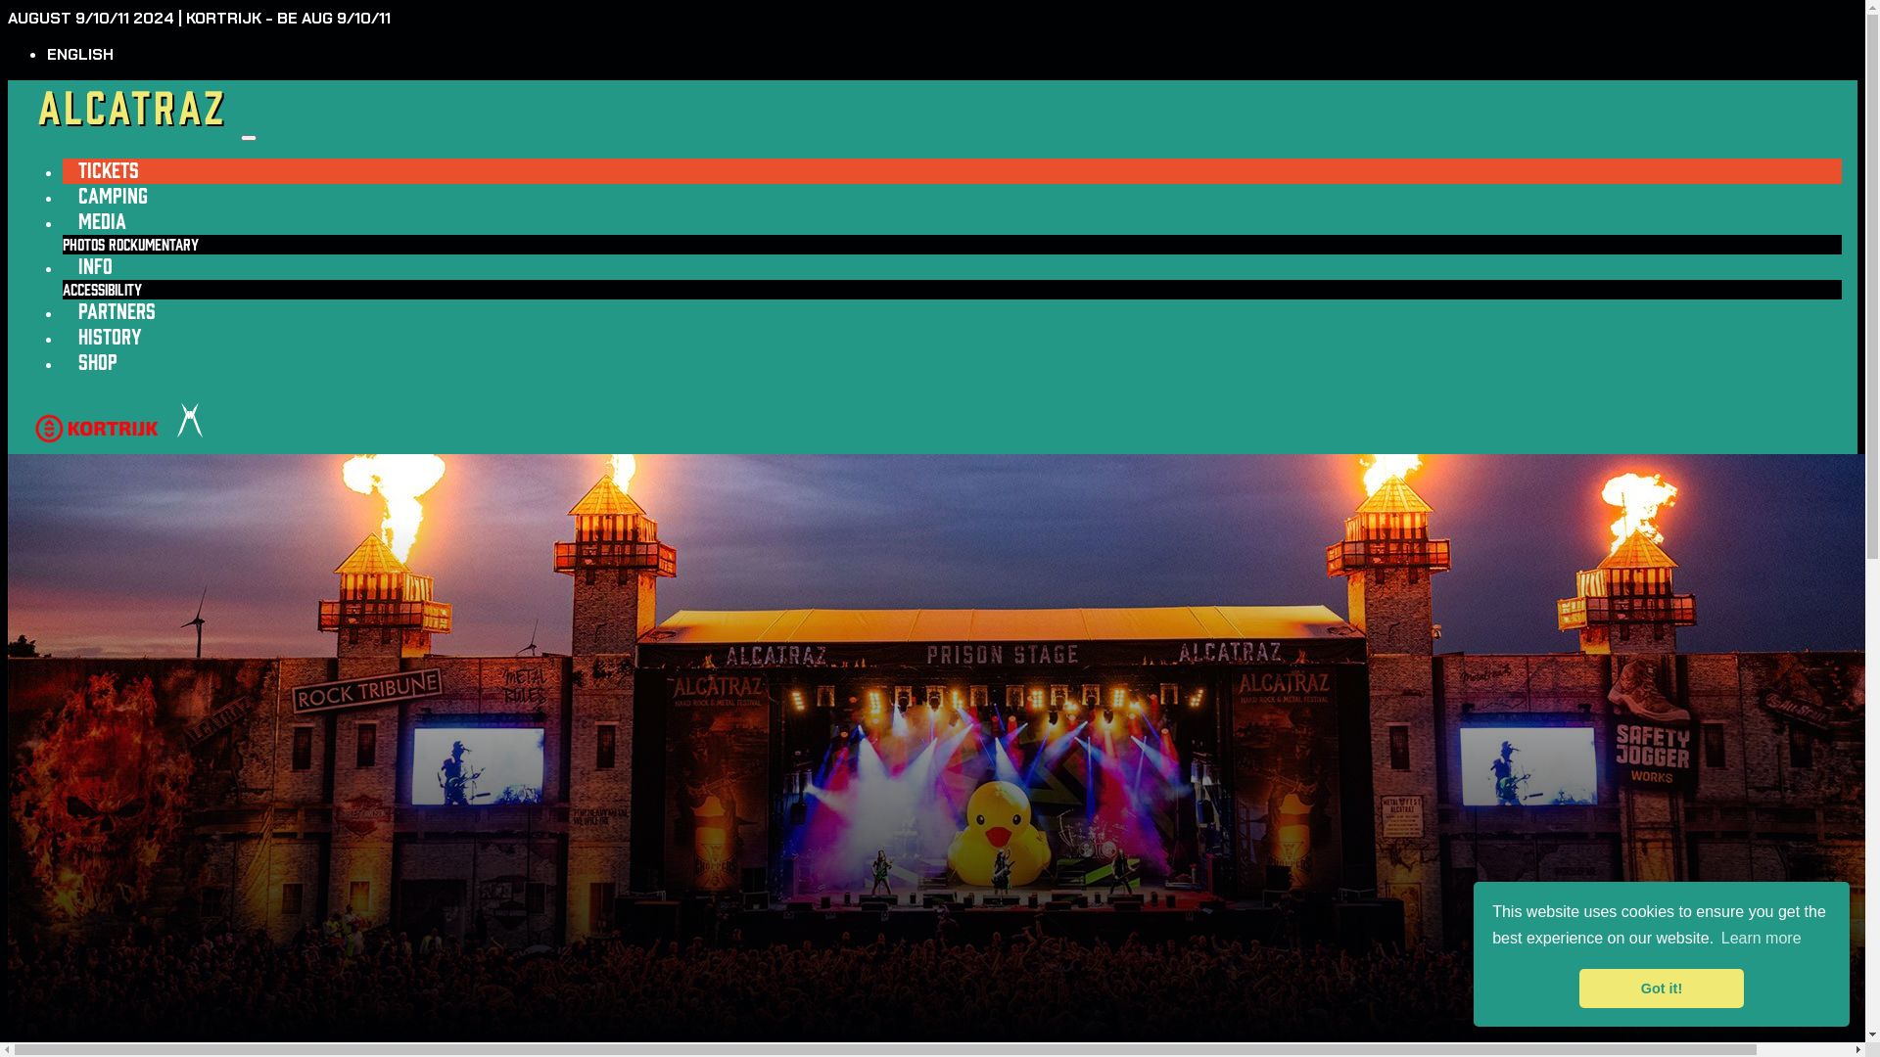 Image resolution: width=1880 pixels, height=1057 pixels. Describe the element at coordinates (1762, 938) in the screenshot. I see `'Learn more'` at that location.